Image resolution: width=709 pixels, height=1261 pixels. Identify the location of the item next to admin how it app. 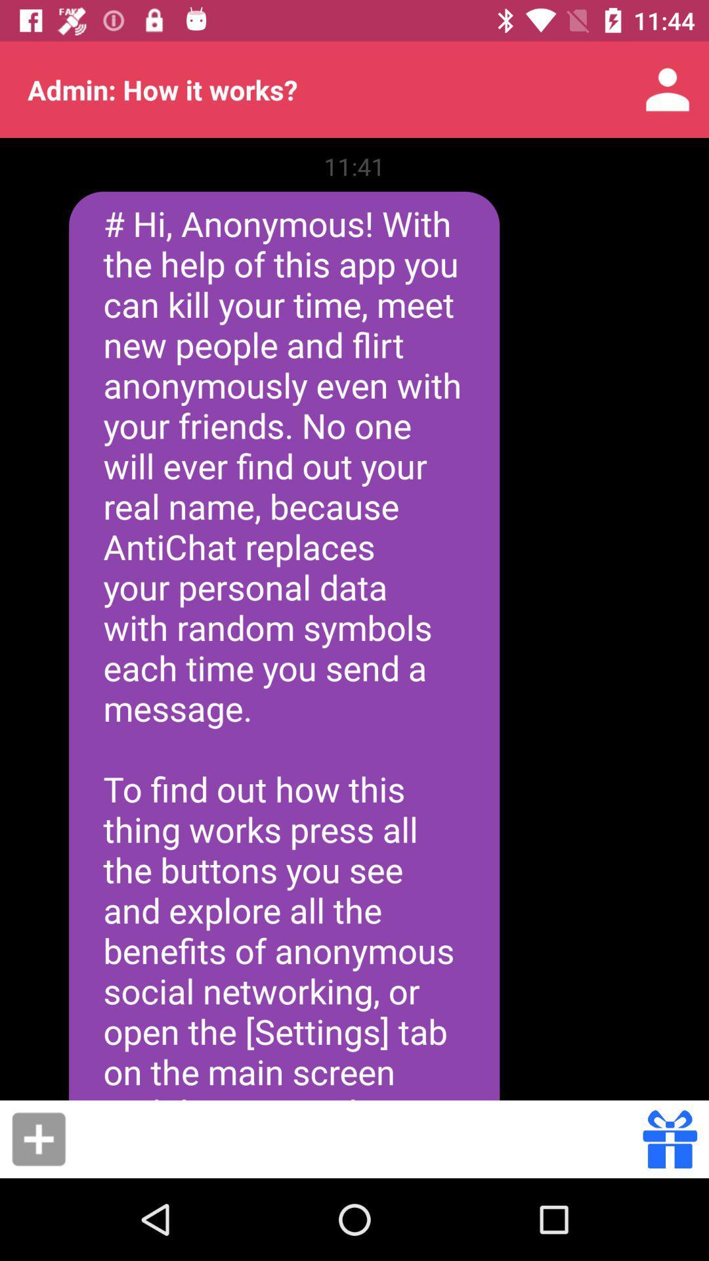
(668, 89).